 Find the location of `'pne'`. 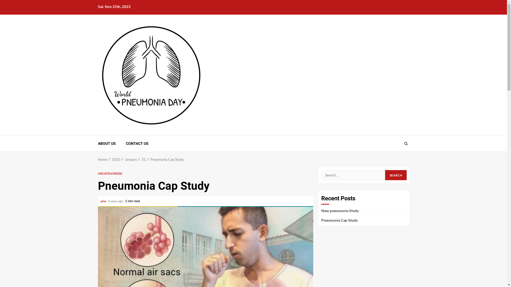

'pne' is located at coordinates (103, 201).